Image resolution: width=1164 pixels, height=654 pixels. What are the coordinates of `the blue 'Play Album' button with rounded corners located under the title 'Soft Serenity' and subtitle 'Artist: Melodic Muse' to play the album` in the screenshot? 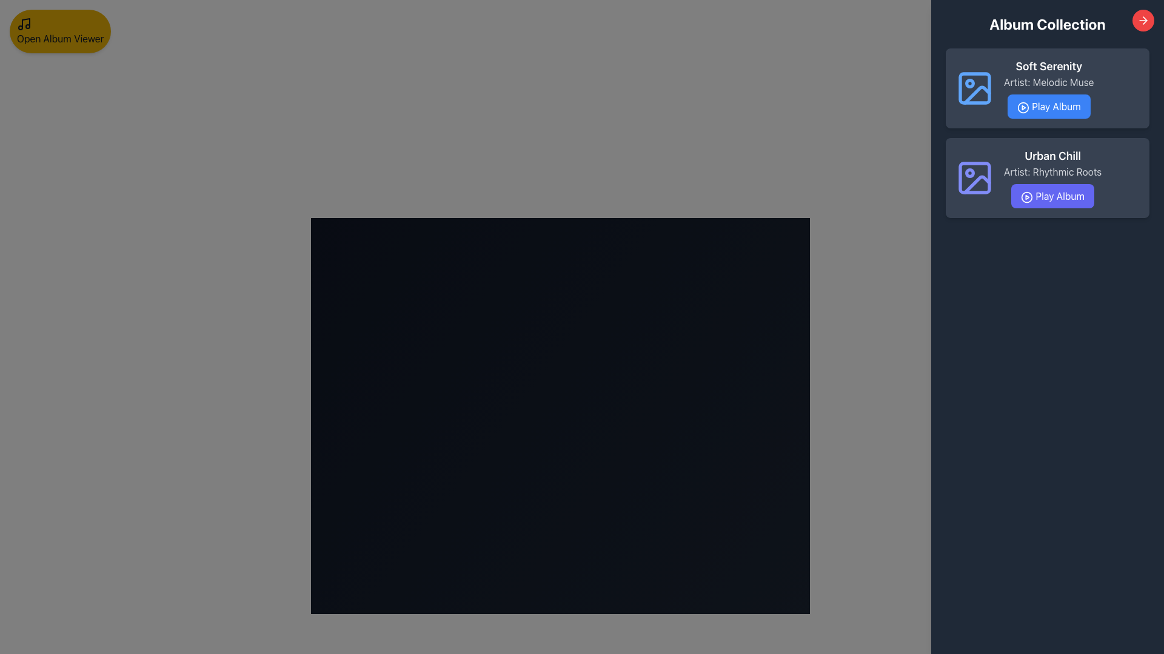 It's located at (1048, 106).